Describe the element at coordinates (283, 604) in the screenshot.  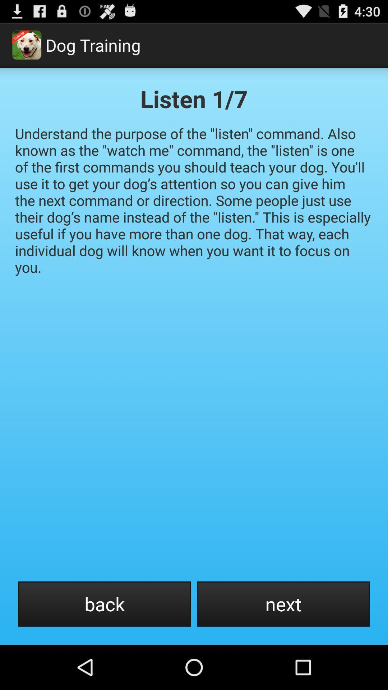
I see `the next` at that location.